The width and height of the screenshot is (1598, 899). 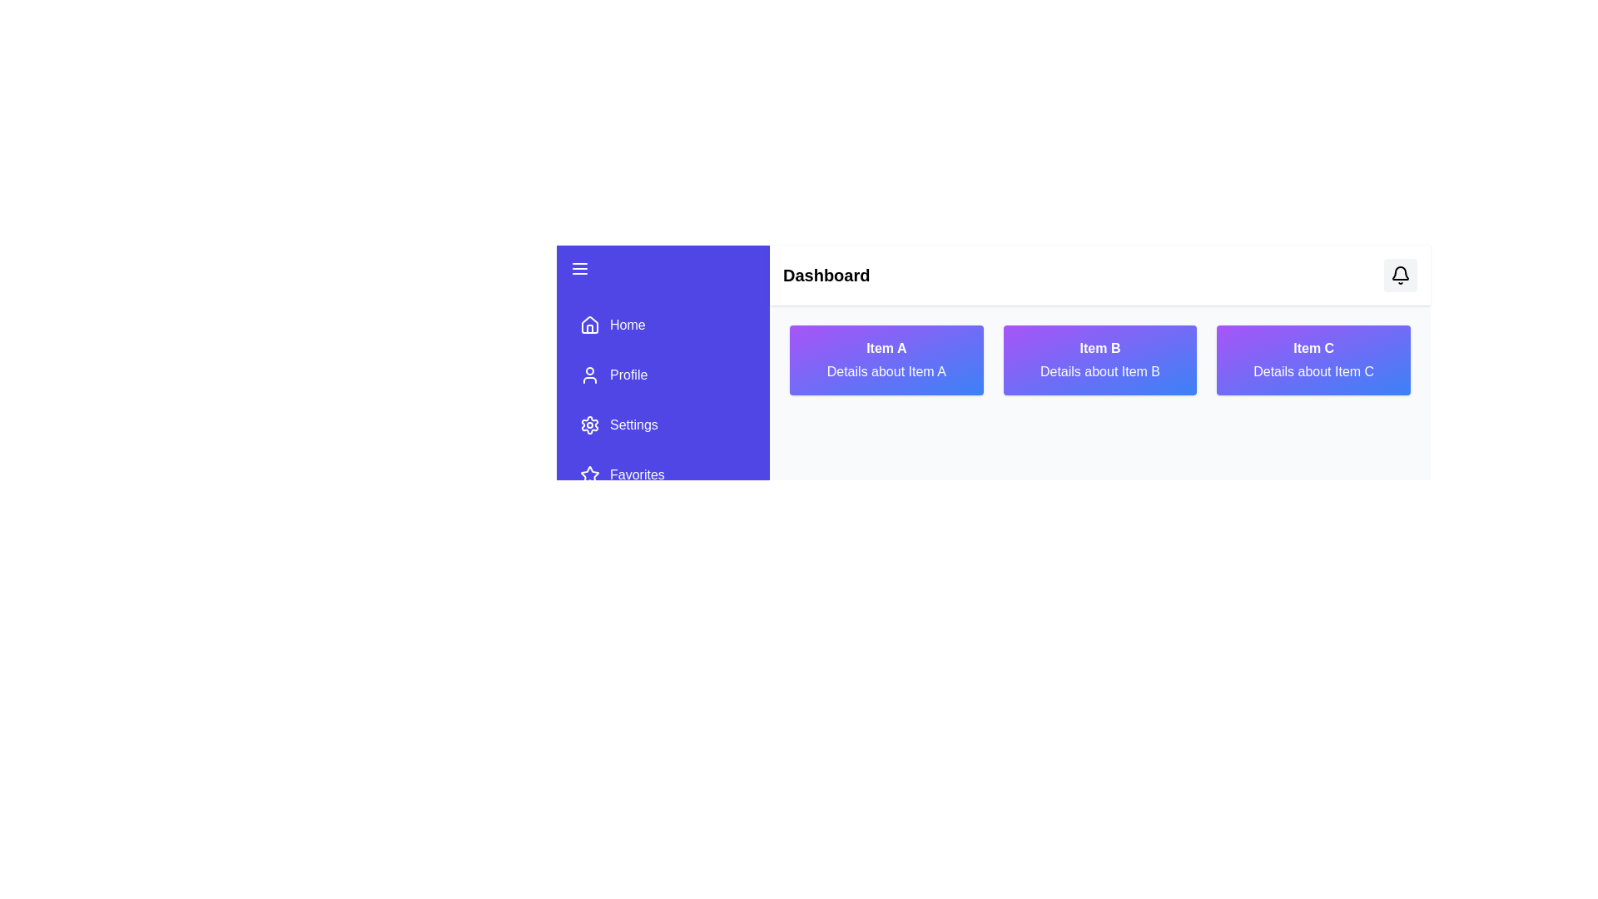 What do you see at coordinates (590, 474) in the screenshot?
I see `the star-shaped icon located in the left sidebar menu, next to 'Favorites'` at bounding box center [590, 474].